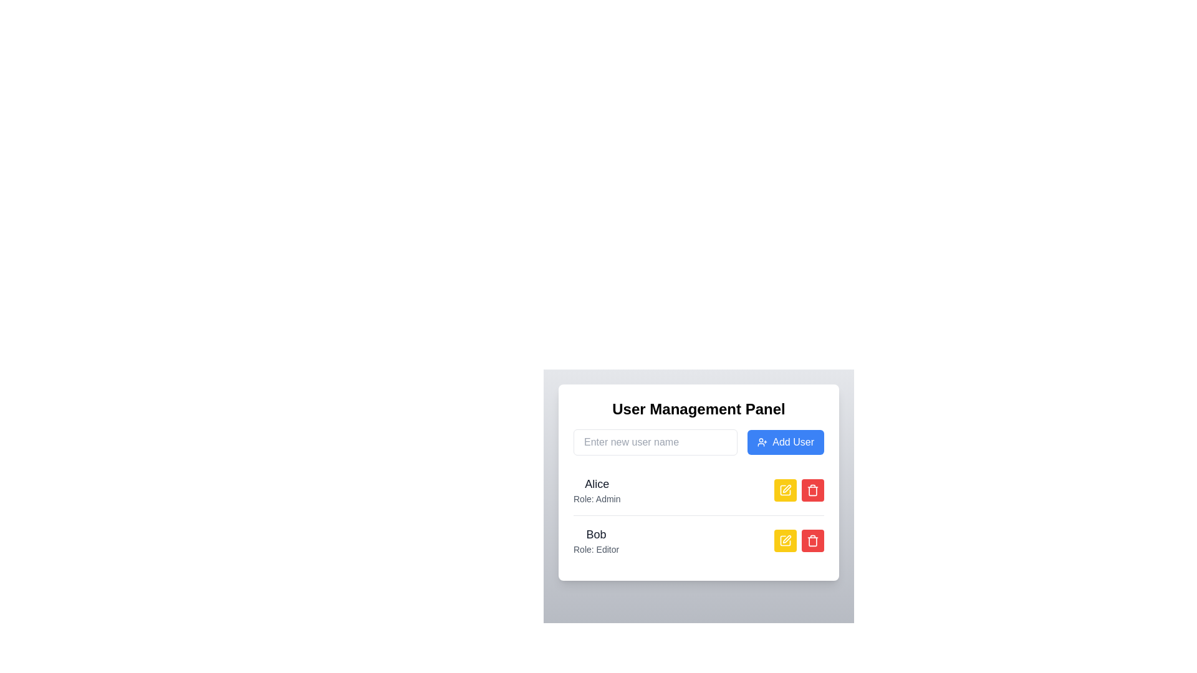  I want to click on the small, square, yellow button with a white pencil icon next to user 'Bob' in the User Management Panel to initiate the edit functionality, so click(784, 540).